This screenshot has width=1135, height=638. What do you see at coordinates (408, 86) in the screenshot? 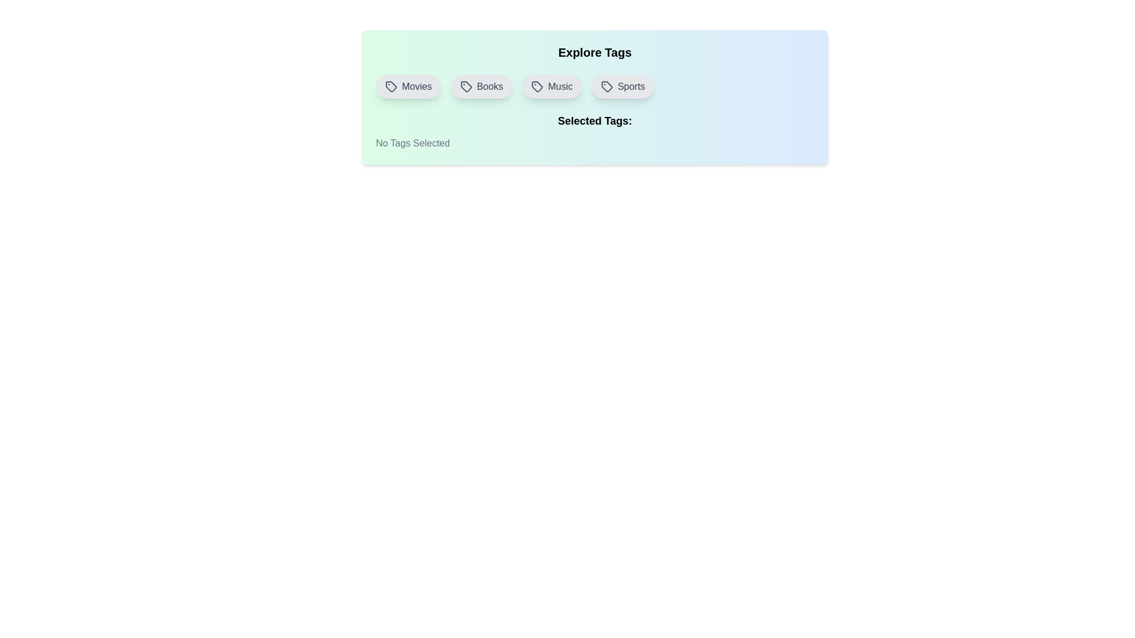
I see `the 'Movies' button, which is the first item in a horizontal list of categories including 'Books,' 'Music,' and 'Sports'` at bounding box center [408, 86].